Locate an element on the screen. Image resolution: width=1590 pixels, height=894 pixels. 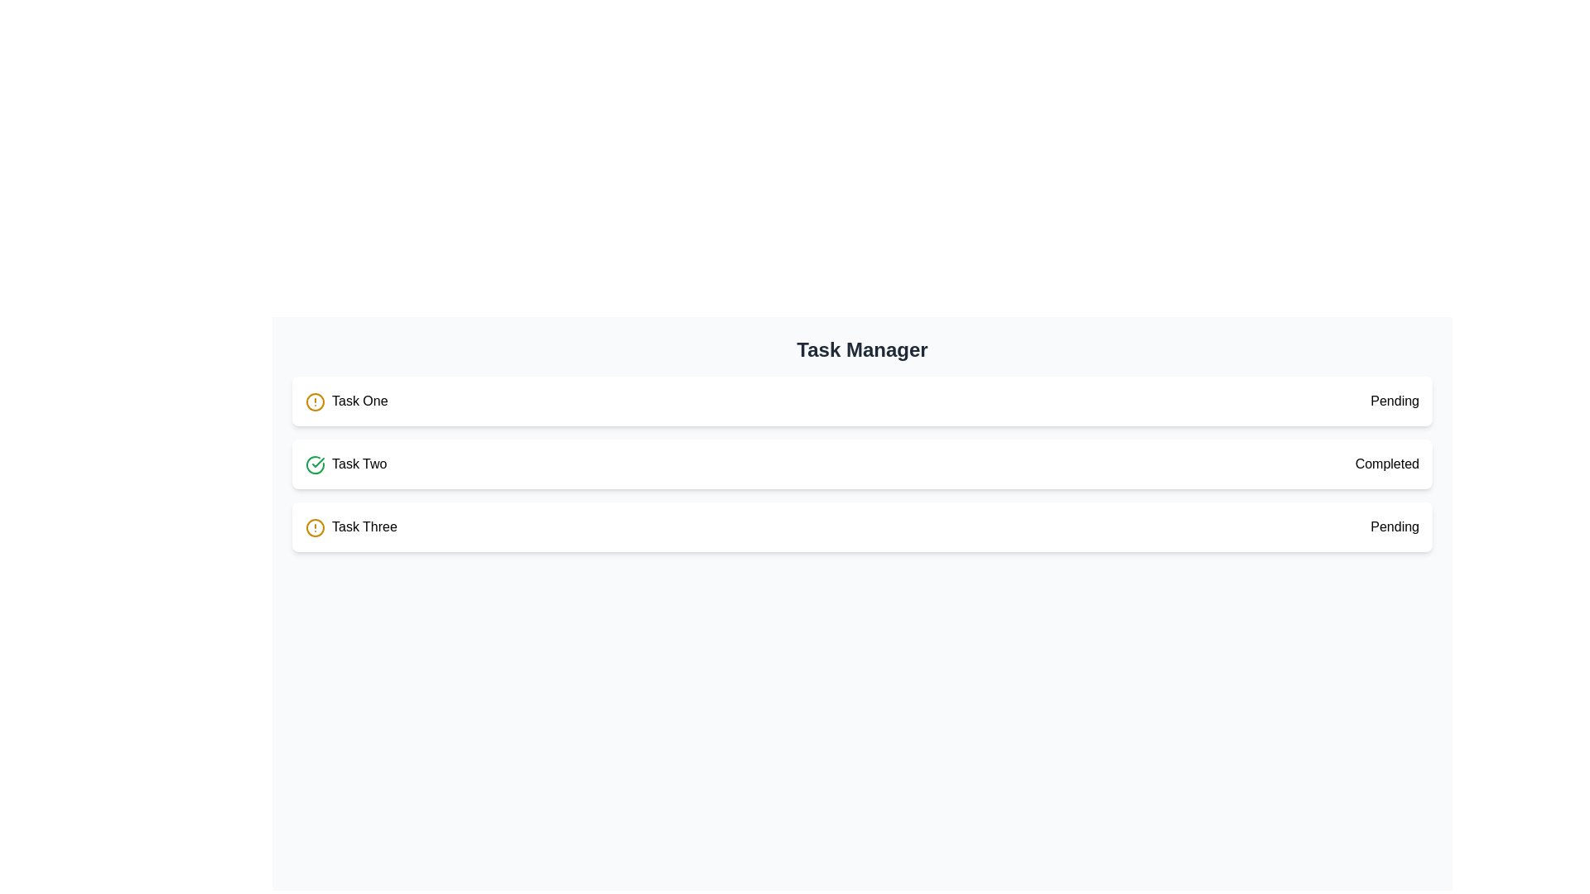
the task list item labeled 'Task Three' with a status of 'Pending' in the 'Task Manager' interface is located at coordinates (861, 526).